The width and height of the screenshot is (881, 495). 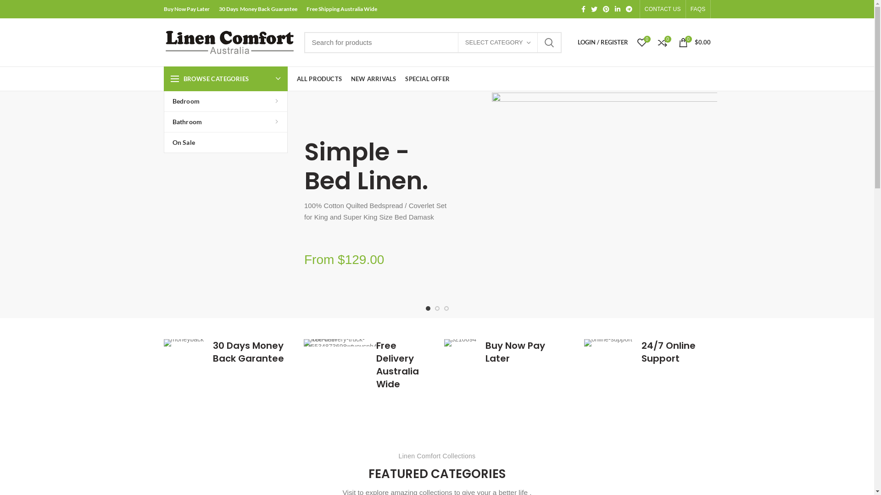 I want to click on 'linkedin', so click(x=617, y=9).